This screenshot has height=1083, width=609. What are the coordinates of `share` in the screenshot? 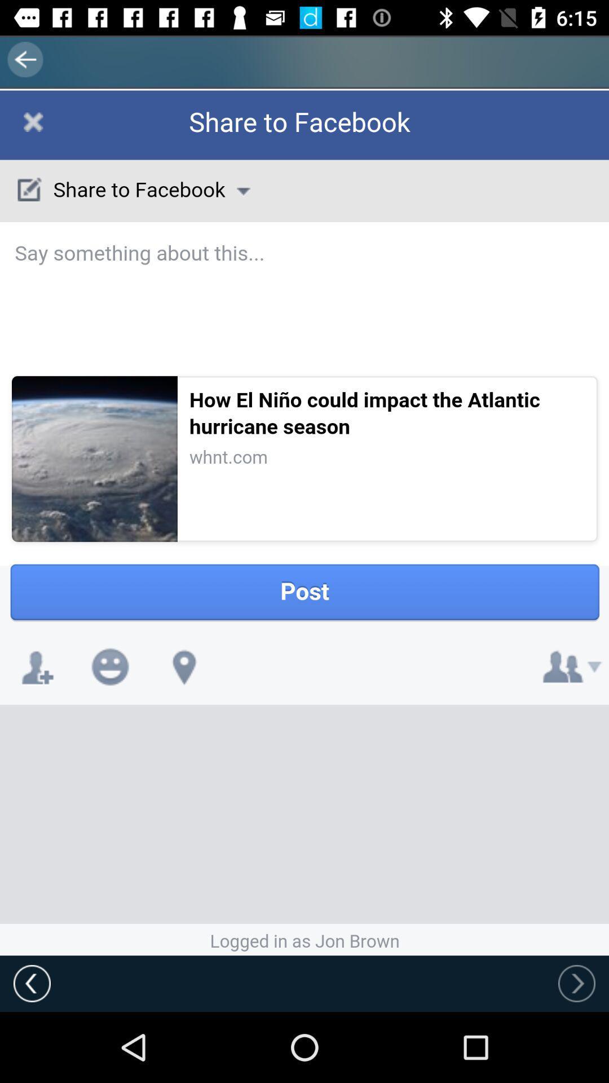 It's located at (74, 135).